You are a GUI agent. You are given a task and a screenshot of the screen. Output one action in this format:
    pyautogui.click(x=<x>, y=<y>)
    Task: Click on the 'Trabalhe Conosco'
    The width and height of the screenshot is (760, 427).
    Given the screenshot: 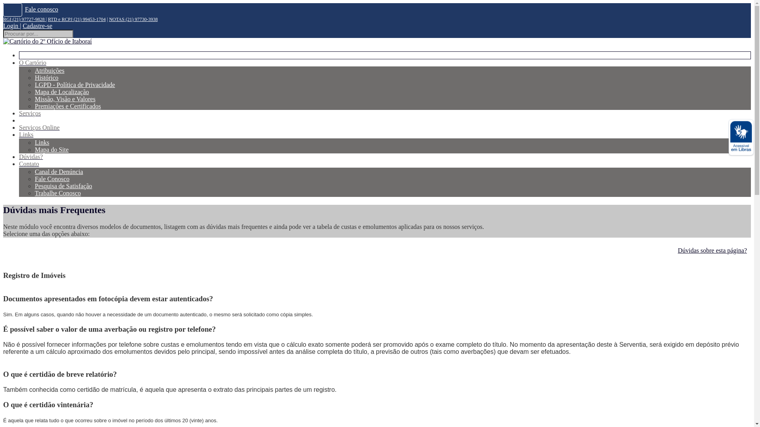 What is the action you would take?
    pyautogui.click(x=57, y=193)
    